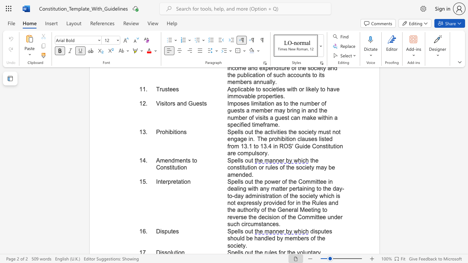  I want to click on the subset text "s to Consti" within the text "Amendments to Constitution", so click(188, 160).